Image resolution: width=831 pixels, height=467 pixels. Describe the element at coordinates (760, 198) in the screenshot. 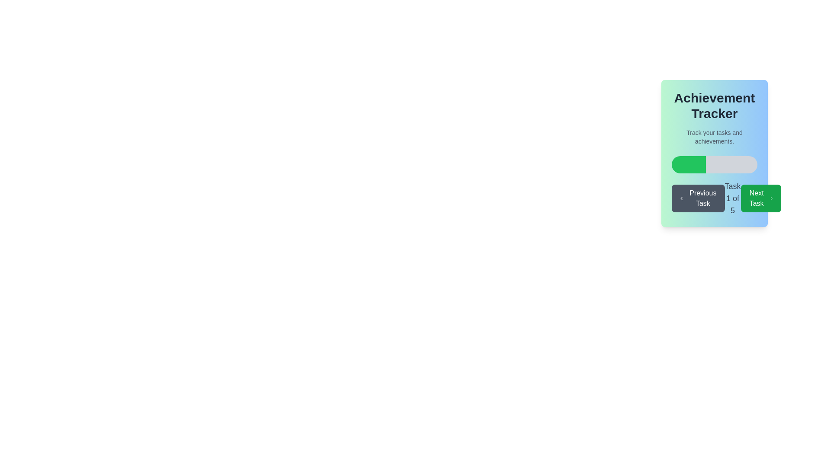

I see `the 'Next Task' button located at the bottom right of the 'Achievement Tracker' card` at that location.